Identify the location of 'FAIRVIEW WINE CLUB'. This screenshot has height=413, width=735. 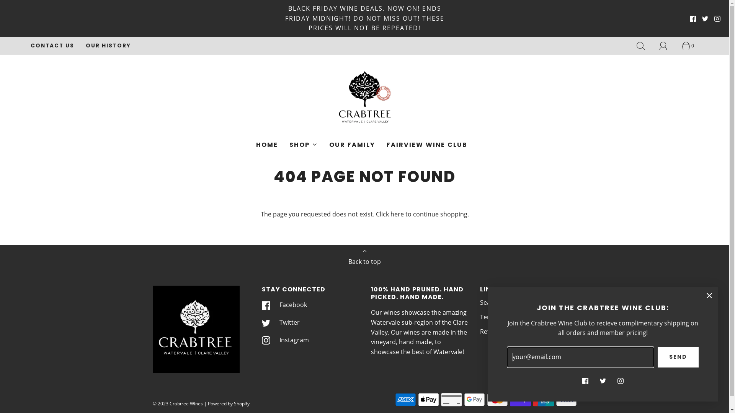
(426, 145).